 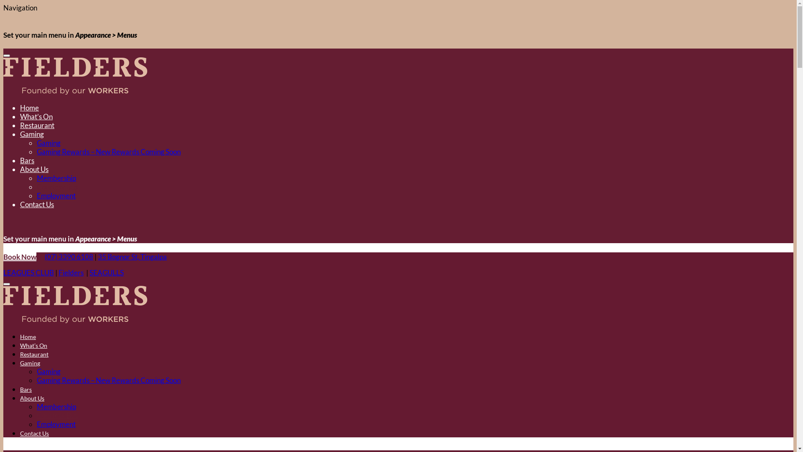 What do you see at coordinates (132, 256) in the screenshot?
I see `'35 Bognor St, Tingalpa'` at bounding box center [132, 256].